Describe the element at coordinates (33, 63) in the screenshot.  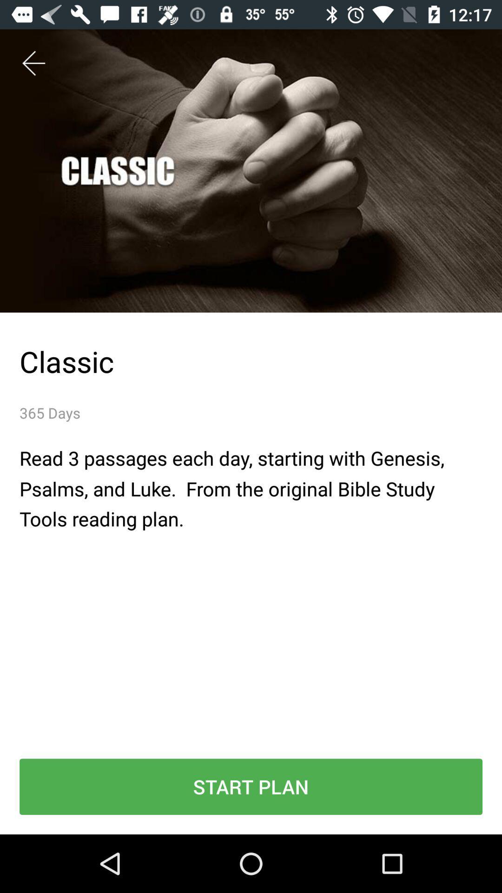
I see `the item at the top left corner` at that location.